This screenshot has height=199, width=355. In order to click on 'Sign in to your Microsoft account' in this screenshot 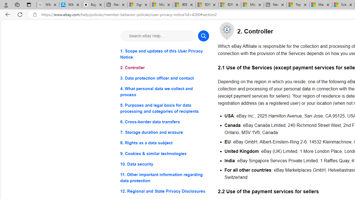, I will do `click(139, 5)`.